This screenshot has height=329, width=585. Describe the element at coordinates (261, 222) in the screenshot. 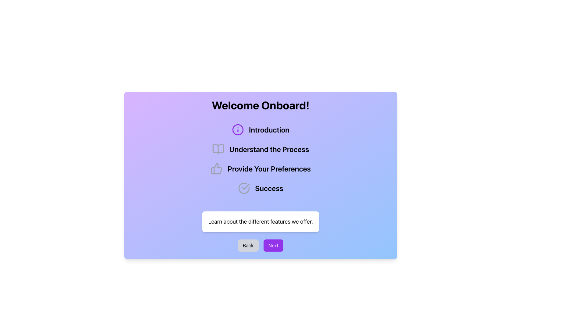

I see `text content from the Informational Text Box which contains the message: 'Learn about the different features we offer.'` at that location.